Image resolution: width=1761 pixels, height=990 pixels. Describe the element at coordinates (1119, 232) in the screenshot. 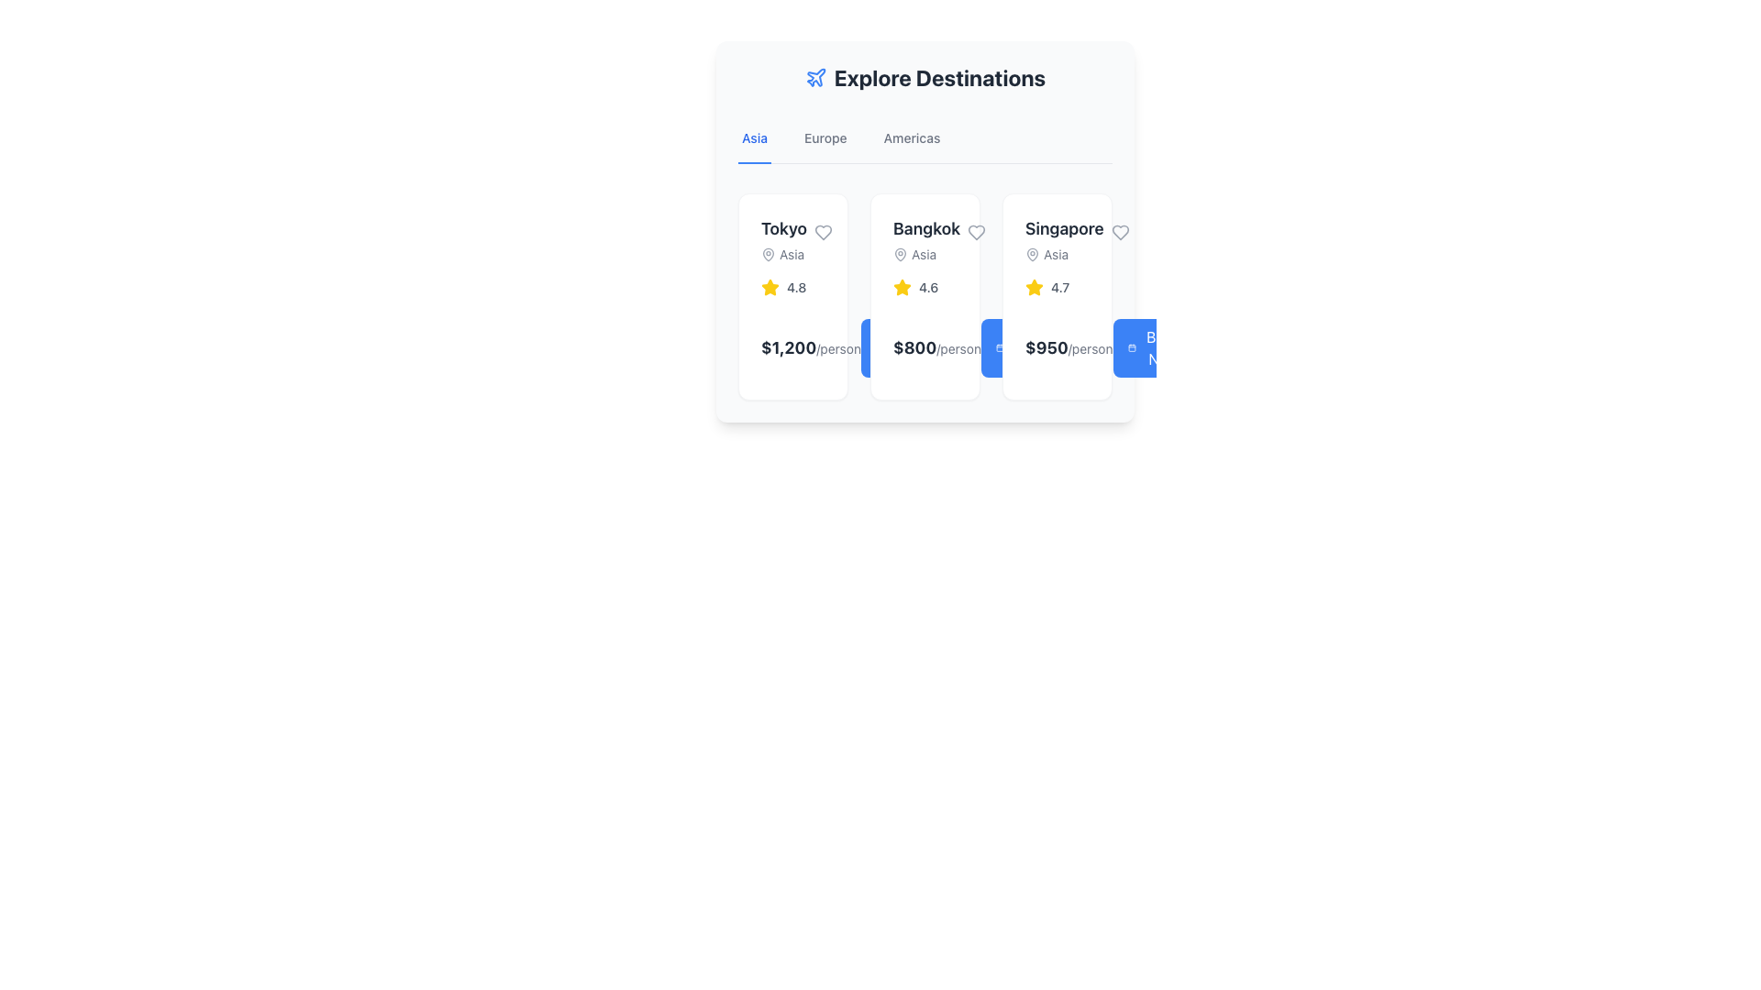

I see `the heart-shaped icon` at that location.